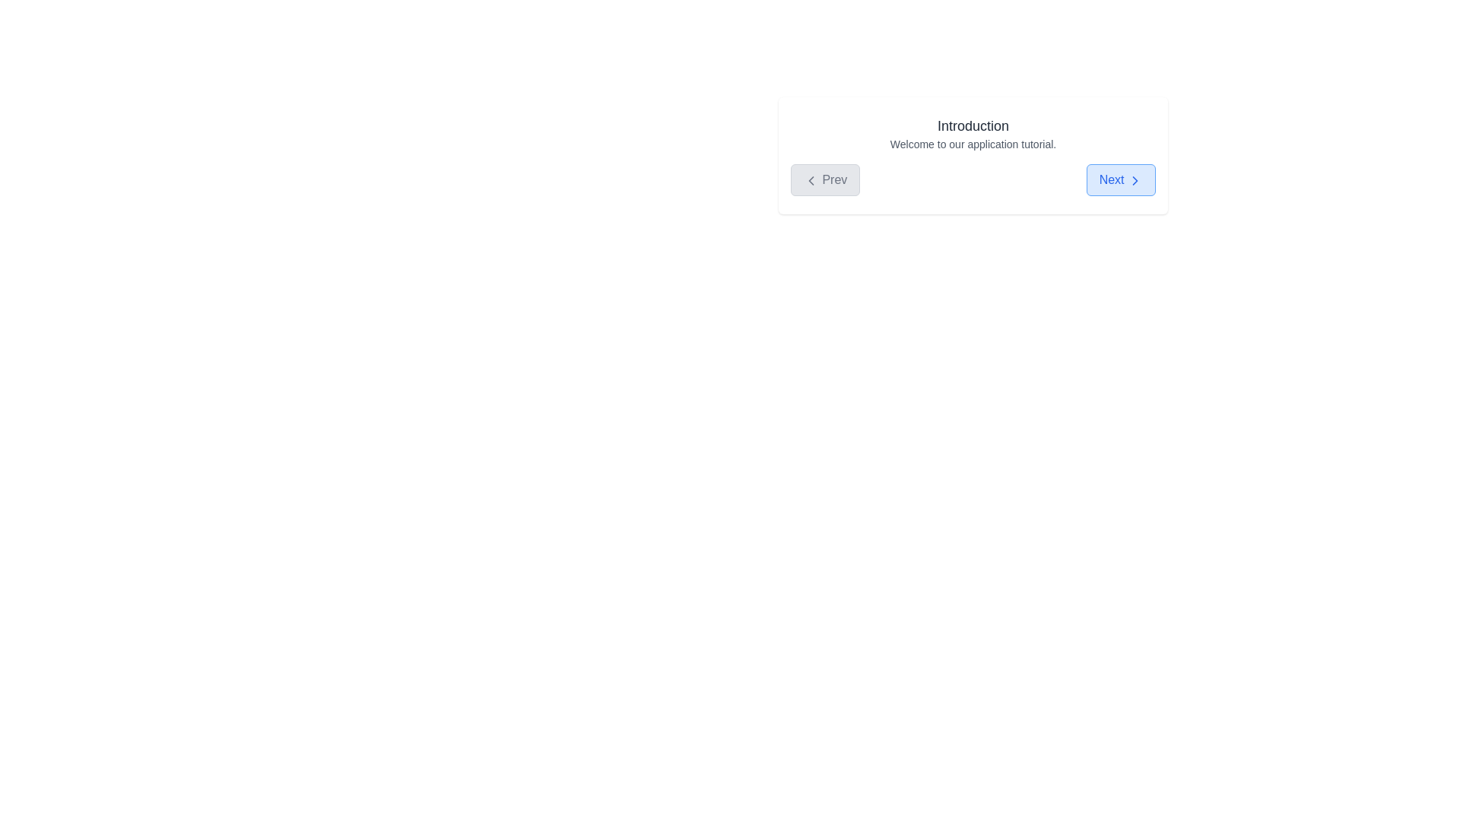 This screenshot has height=821, width=1460. Describe the element at coordinates (973, 144) in the screenshot. I see `introductory message text located below the 'Introduction' text in the application tutorial` at that location.